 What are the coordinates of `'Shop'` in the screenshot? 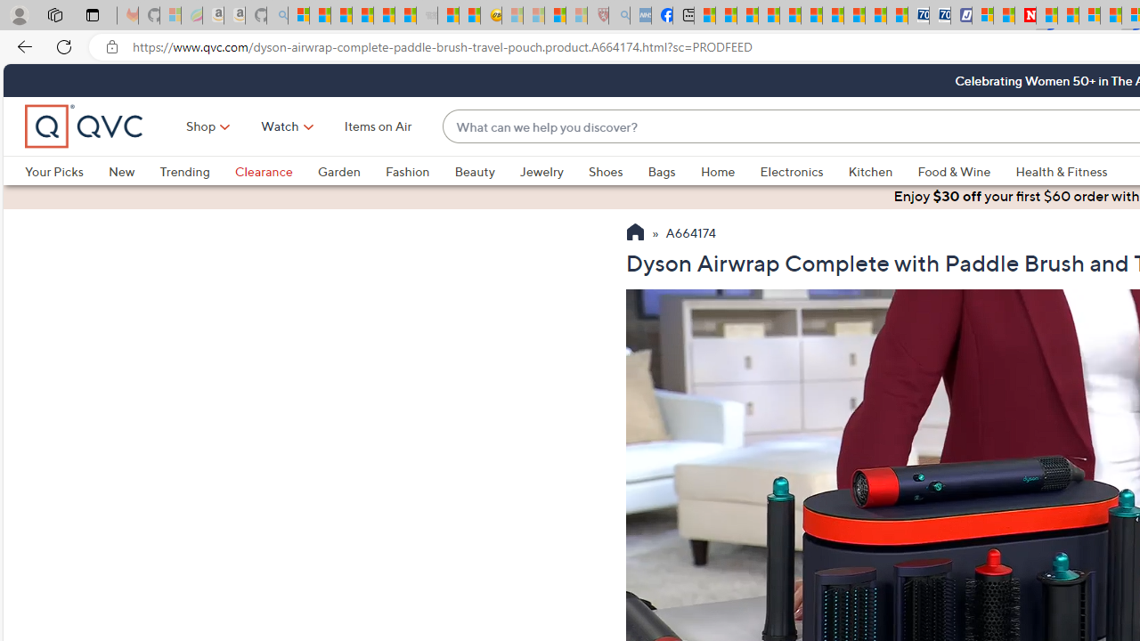 It's located at (202, 125).